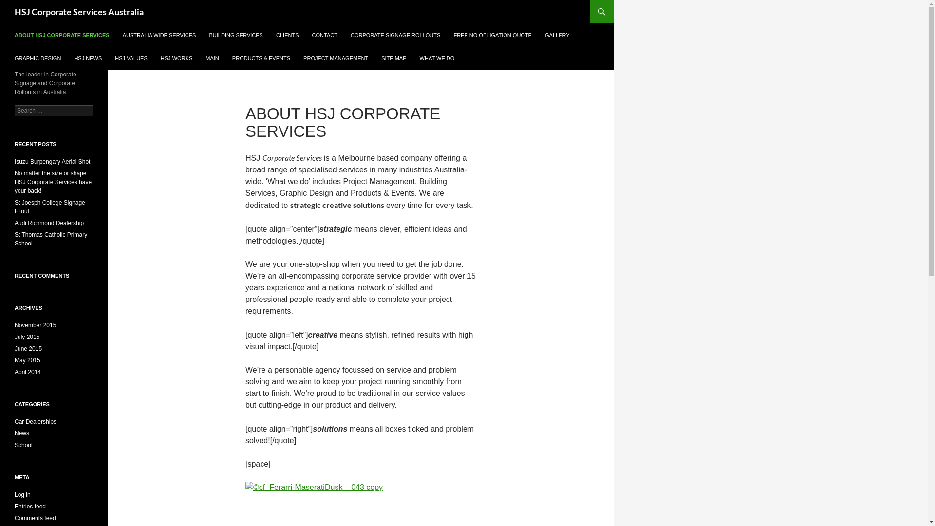 Image resolution: width=935 pixels, height=526 pixels. I want to click on 'St Thomas Catholic Primary School', so click(50, 239).